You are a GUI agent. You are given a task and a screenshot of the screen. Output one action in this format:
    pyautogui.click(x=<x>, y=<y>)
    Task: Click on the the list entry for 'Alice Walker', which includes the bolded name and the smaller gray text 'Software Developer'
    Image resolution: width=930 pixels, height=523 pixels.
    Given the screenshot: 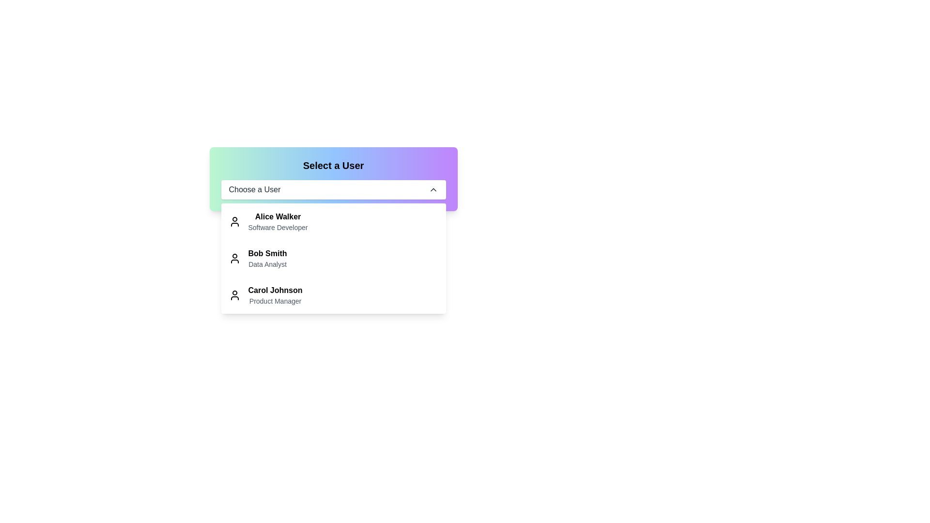 What is the action you would take?
    pyautogui.click(x=277, y=222)
    